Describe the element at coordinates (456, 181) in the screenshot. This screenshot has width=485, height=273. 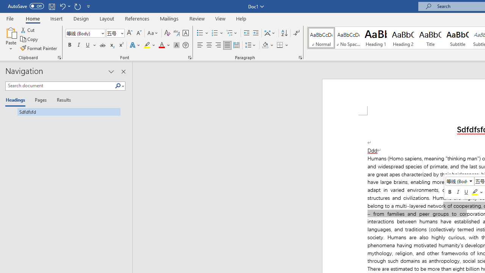
I see `'Class: NetUITextbox'` at that location.